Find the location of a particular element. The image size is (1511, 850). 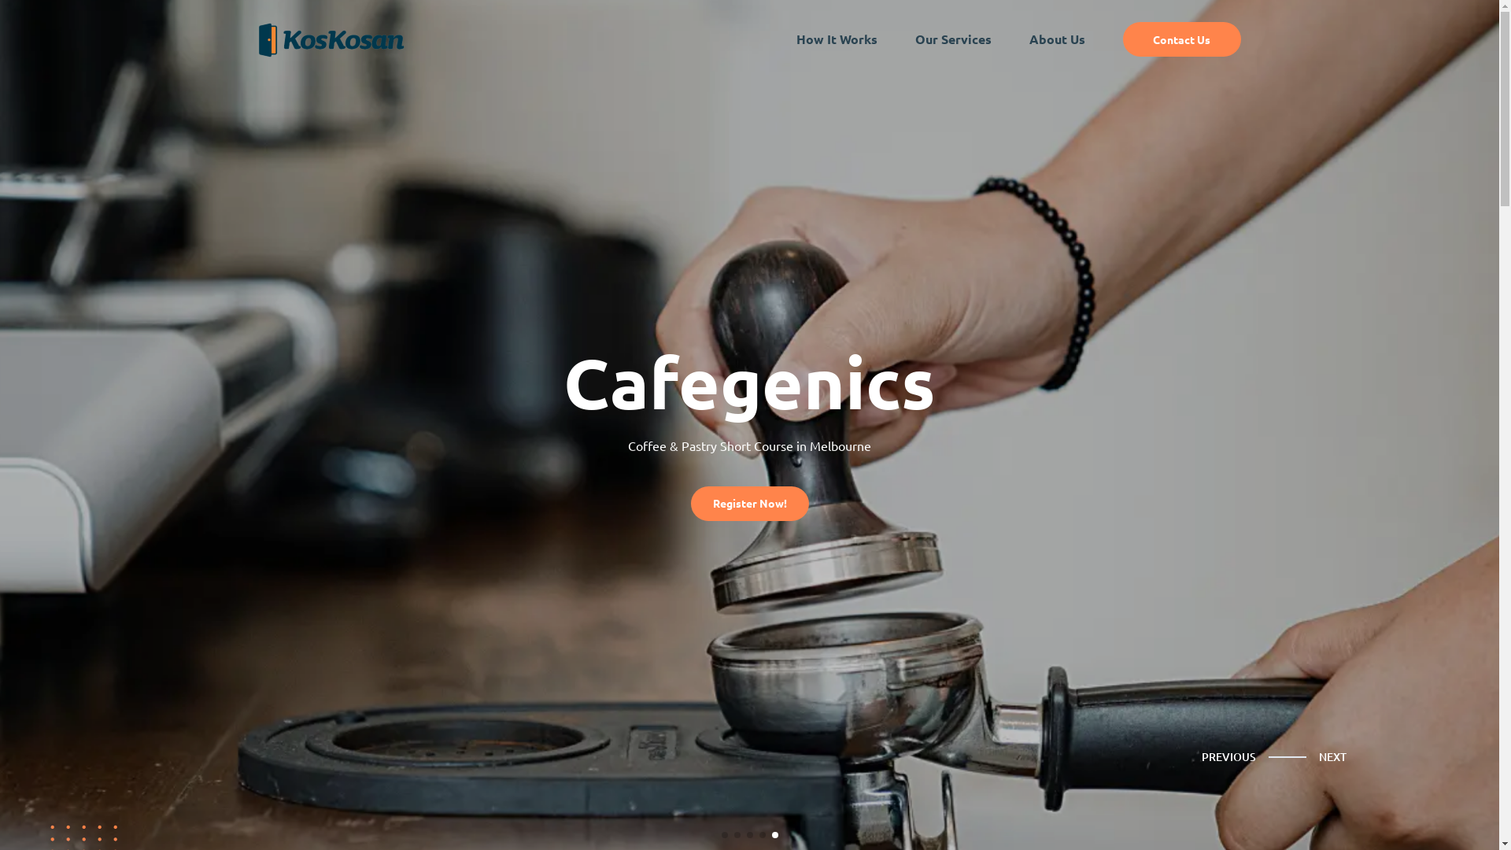

'About Us' is located at coordinates (1029, 39).